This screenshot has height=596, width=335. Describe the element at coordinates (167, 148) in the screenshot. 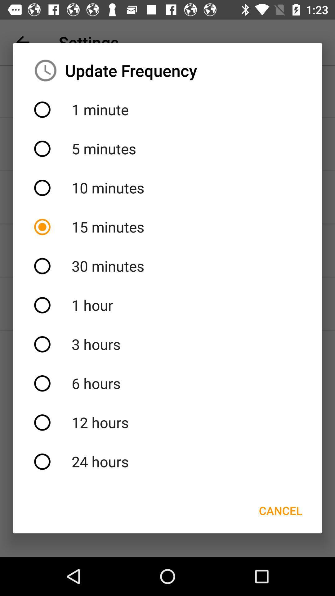

I see `item above 10 minutes icon` at that location.